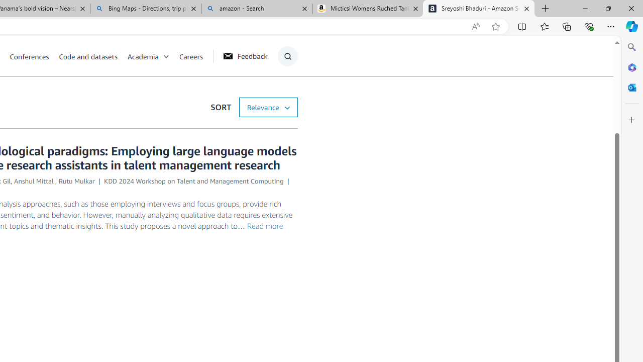 This screenshot has height=362, width=643. What do you see at coordinates (195, 56) in the screenshot?
I see `'Careers'` at bounding box center [195, 56].